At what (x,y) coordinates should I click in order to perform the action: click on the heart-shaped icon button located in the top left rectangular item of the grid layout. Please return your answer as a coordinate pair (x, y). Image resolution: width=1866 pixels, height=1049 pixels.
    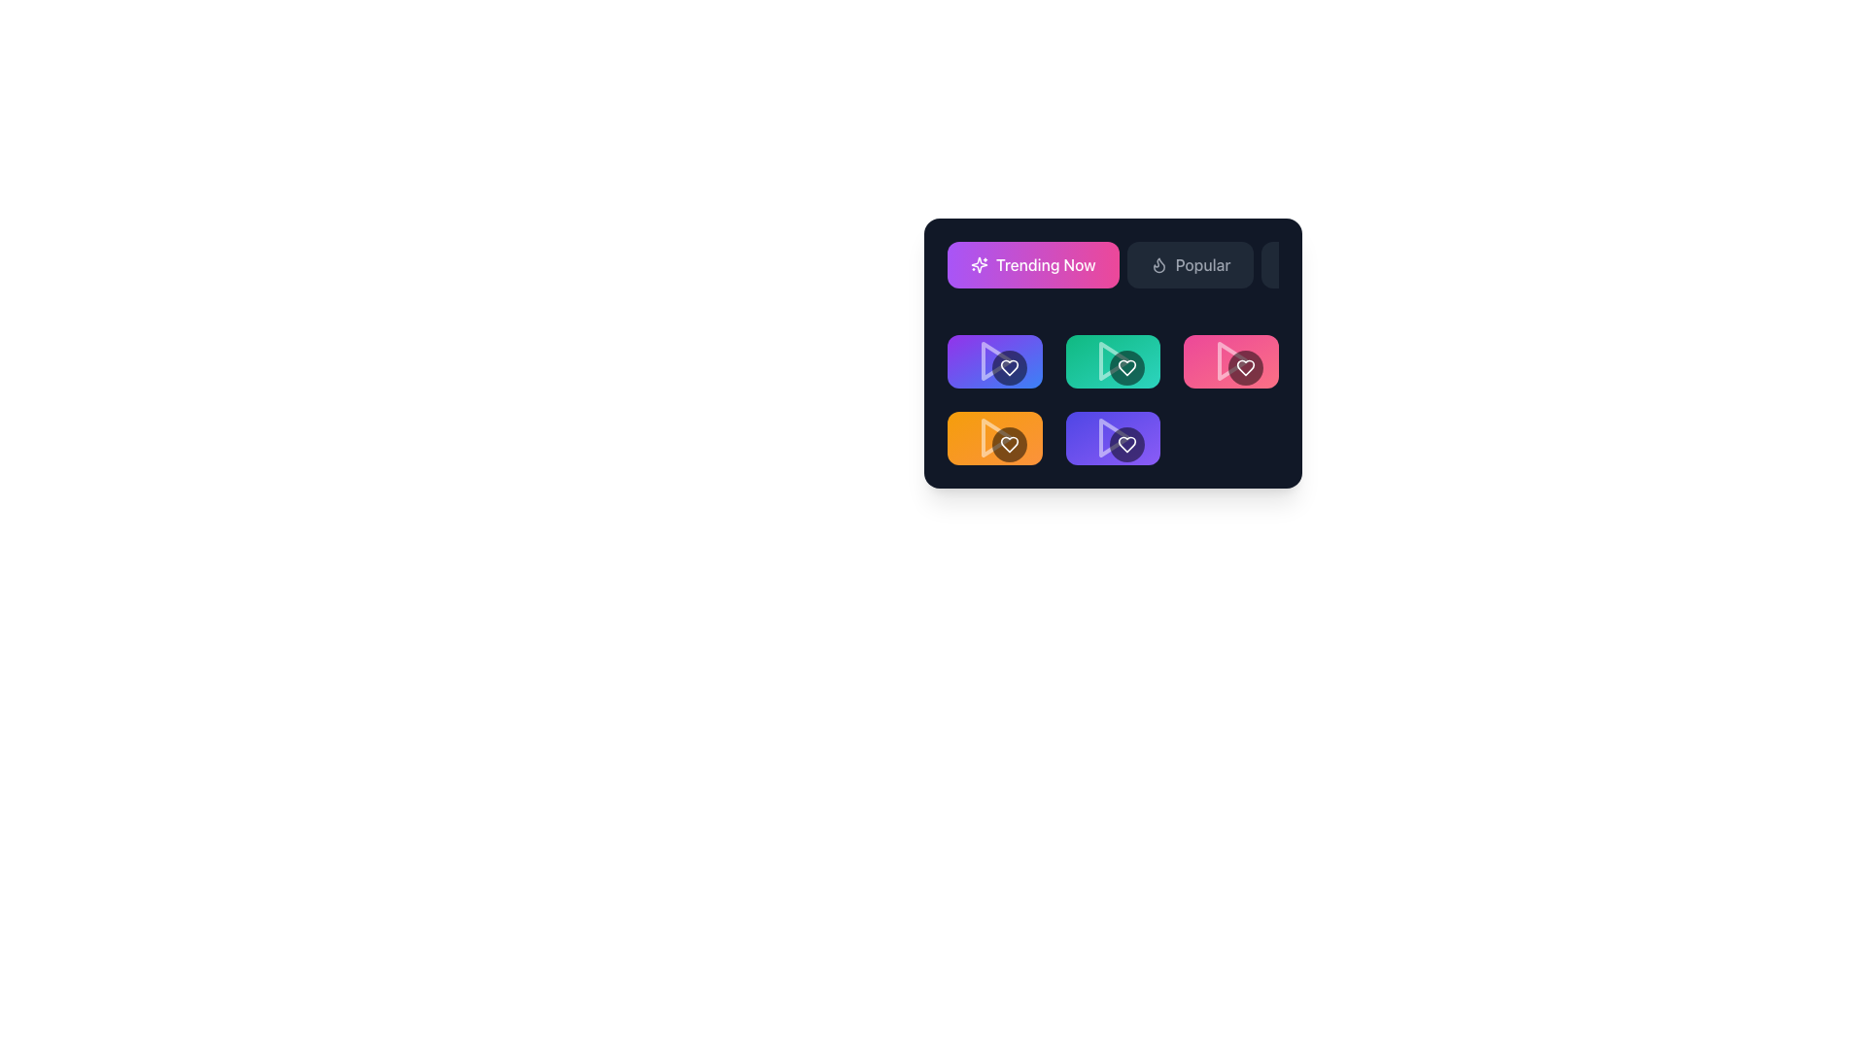
    Looking at the image, I should click on (1009, 367).